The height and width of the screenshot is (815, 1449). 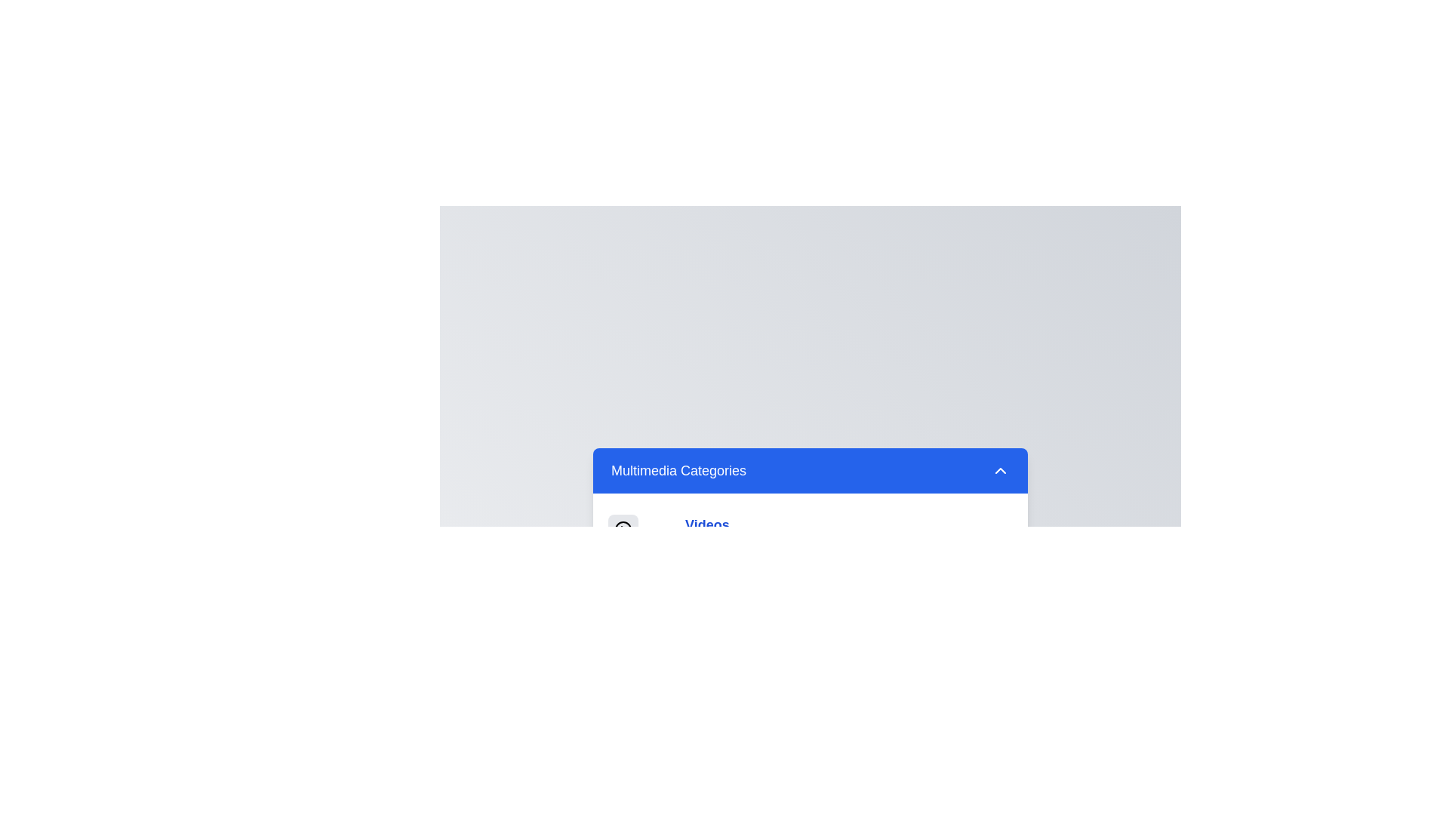 What do you see at coordinates (706, 523) in the screenshot?
I see `the 'Videos' category item in the Multimedia Menu` at bounding box center [706, 523].